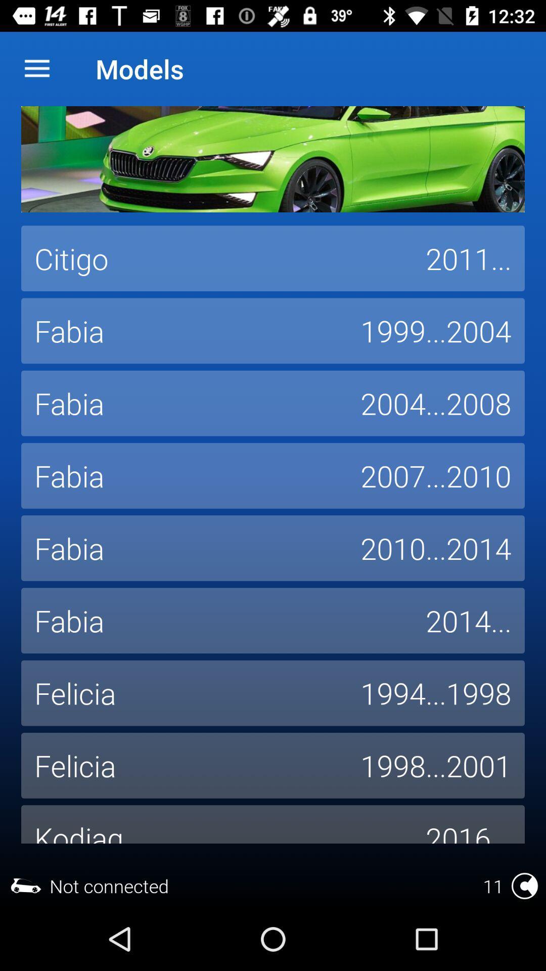 The height and width of the screenshot is (971, 546). What do you see at coordinates (216, 258) in the screenshot?
I see `the icon to the left of 2011... icon` at bounding box center [216, 258].